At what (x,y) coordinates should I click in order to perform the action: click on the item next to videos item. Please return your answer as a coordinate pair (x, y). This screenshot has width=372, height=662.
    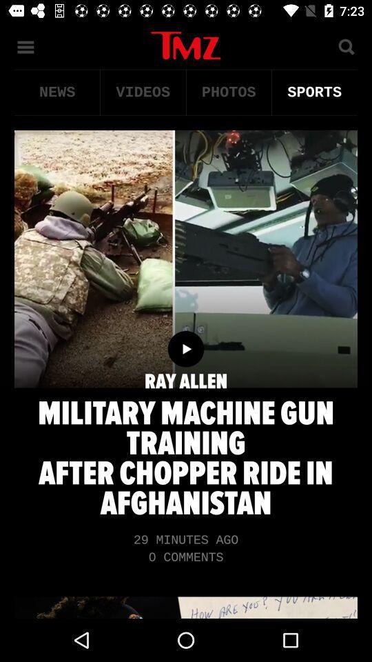
    Looking at the image, I should click on (229, 92).